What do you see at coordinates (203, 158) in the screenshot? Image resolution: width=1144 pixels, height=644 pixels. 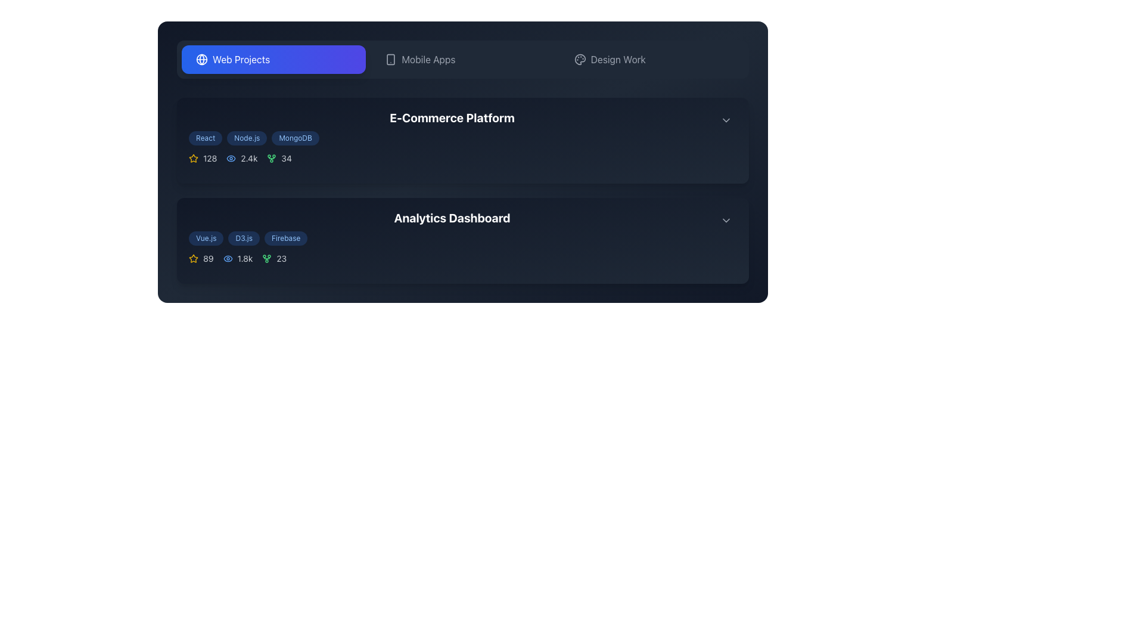 I see `value from the Text label displaying the number '128', which is styled in gray and positioned next to a yellow star icon in the upper left section of the statistical data grouping` at bounding box center [203, 158].